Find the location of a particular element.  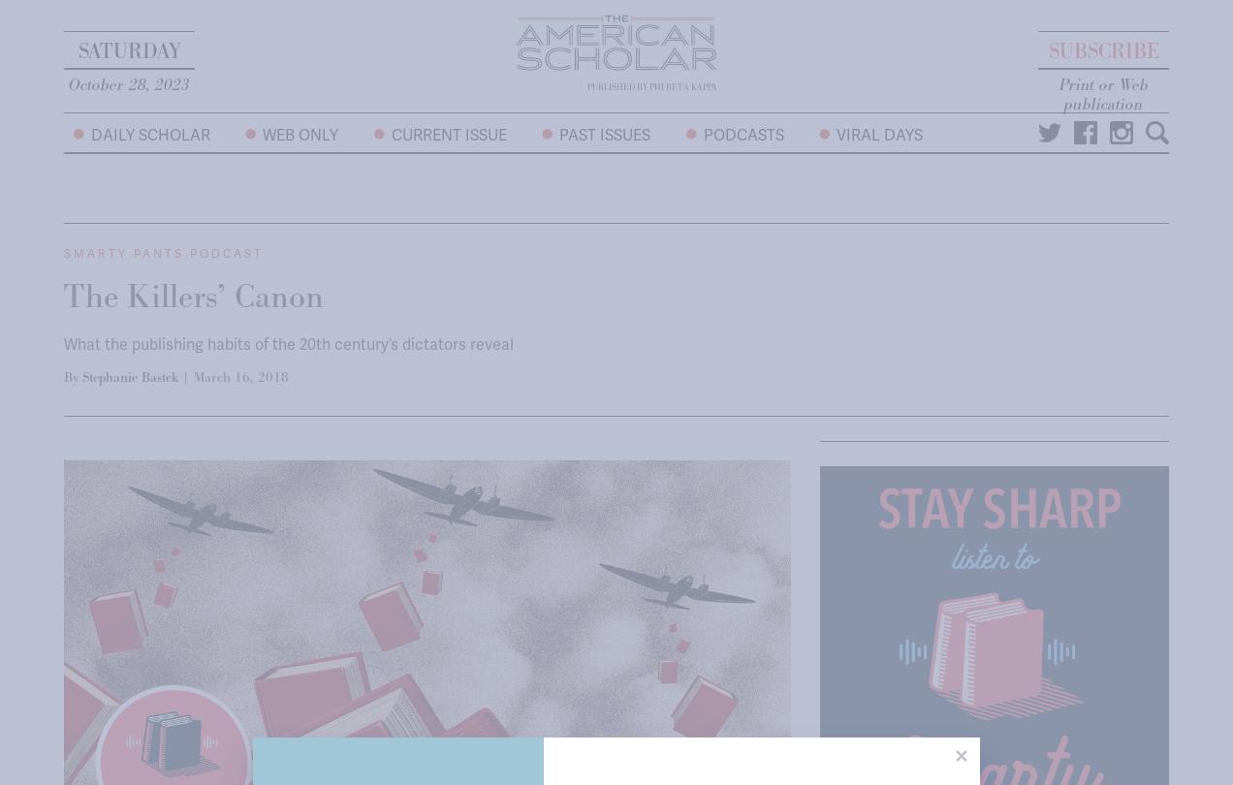

'Current Issue' is located at coordinates (447, 180).